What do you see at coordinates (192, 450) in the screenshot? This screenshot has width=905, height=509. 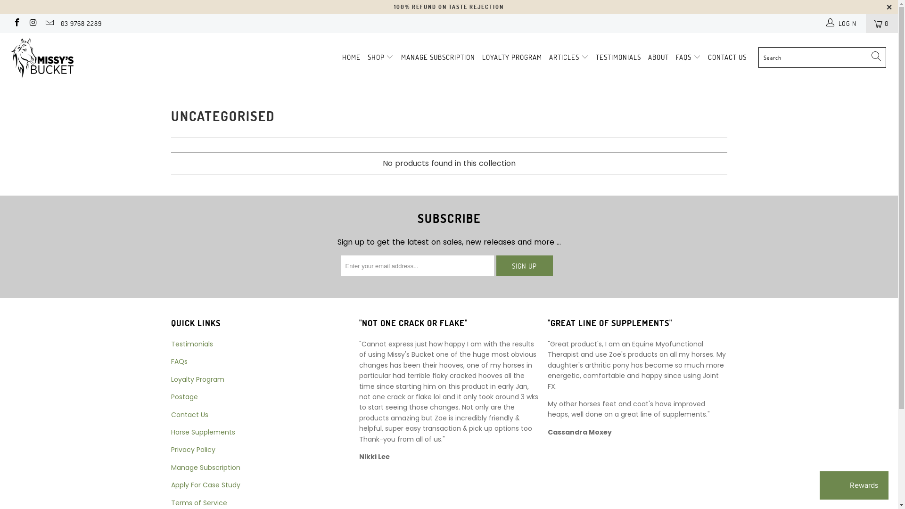 I see `'Privacy Policy'` at bounding box center [192, 450].